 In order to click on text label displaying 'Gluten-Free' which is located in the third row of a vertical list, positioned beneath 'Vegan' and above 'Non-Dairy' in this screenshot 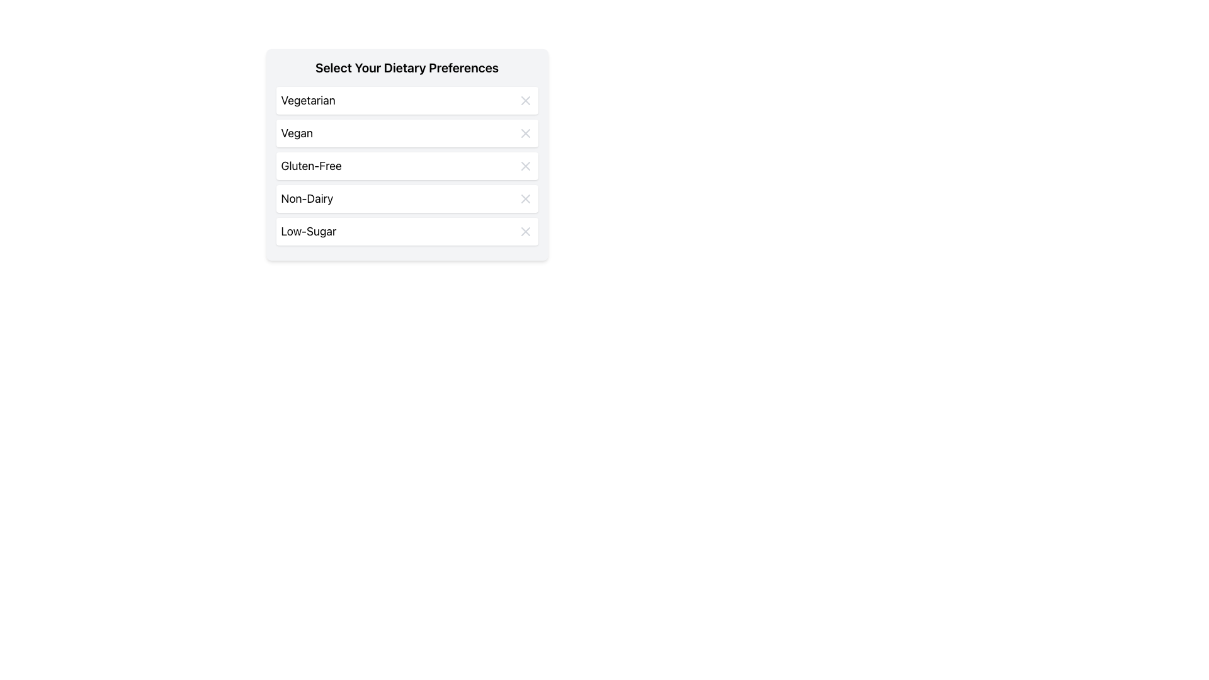, I will do `click(311, 165)`.